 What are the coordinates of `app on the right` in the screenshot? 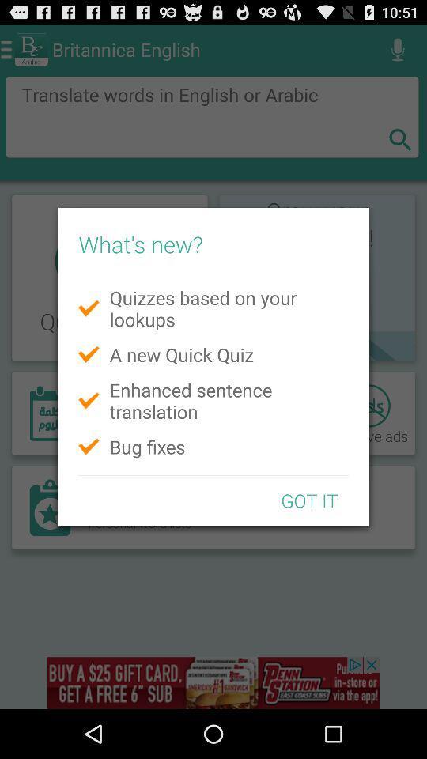 It's located at (309, 500).